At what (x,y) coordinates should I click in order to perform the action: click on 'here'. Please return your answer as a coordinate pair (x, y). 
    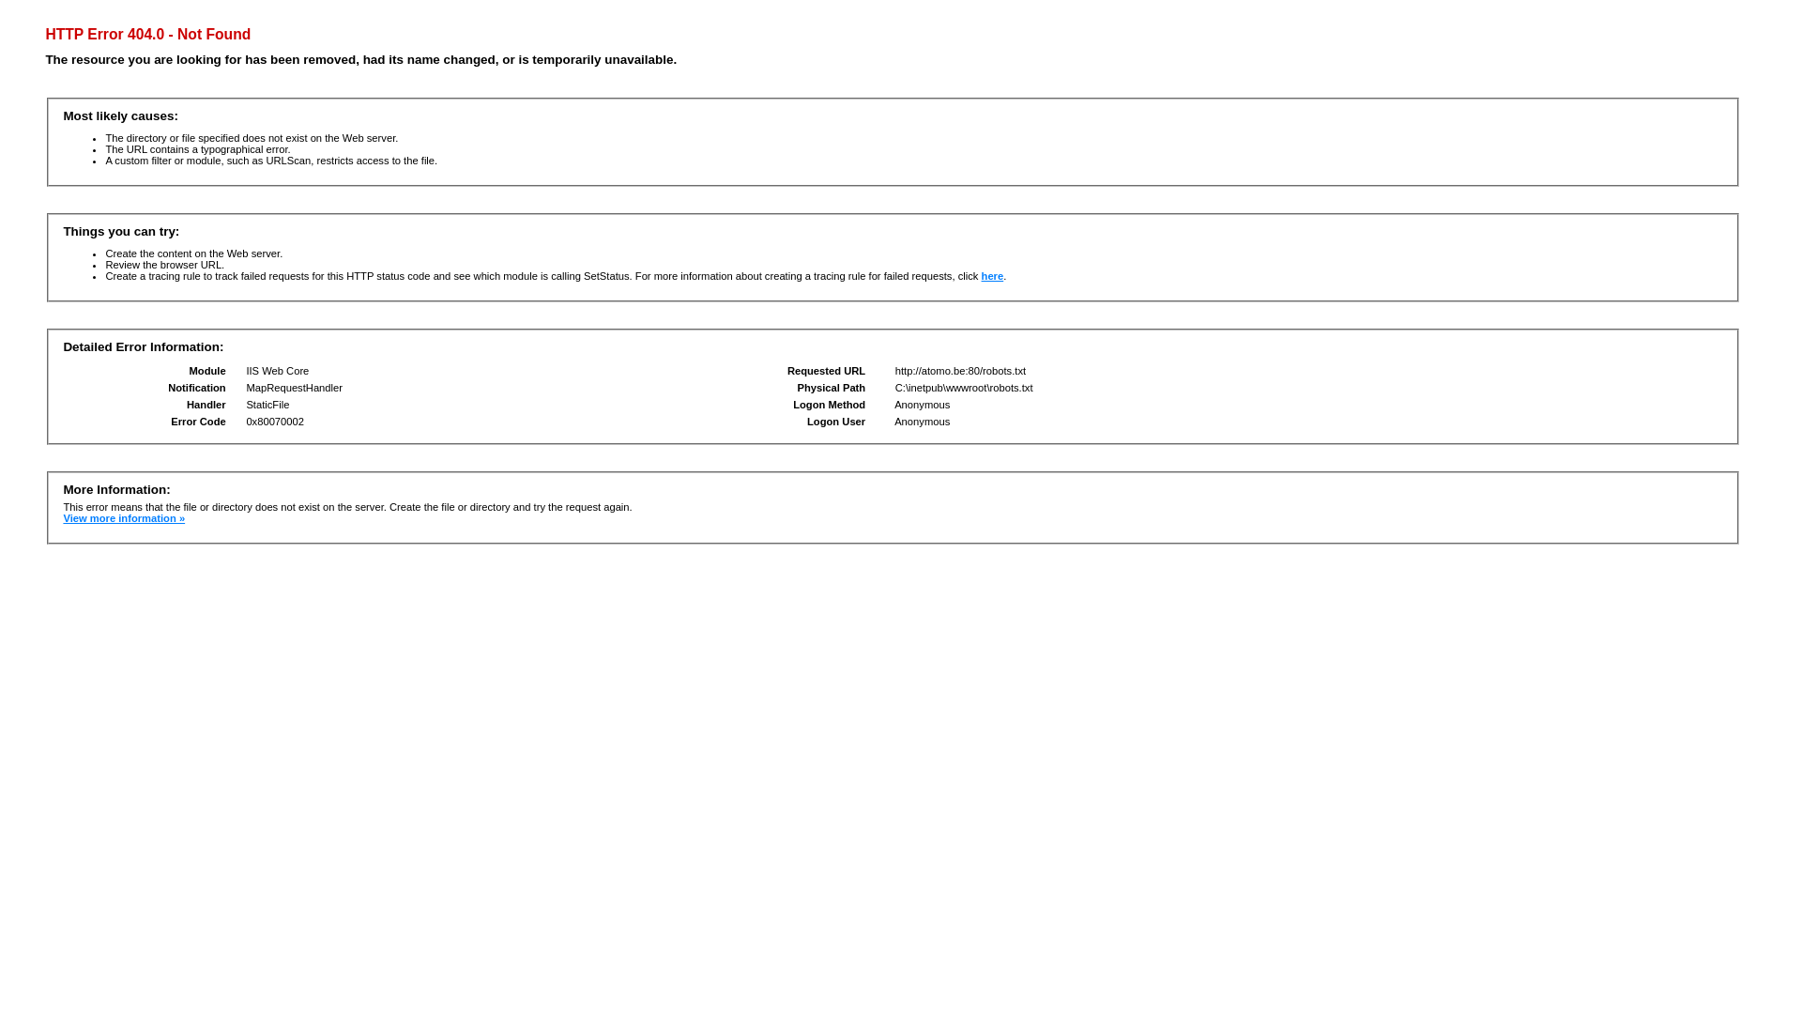
    Looking at the image, I should click on (991, 275).